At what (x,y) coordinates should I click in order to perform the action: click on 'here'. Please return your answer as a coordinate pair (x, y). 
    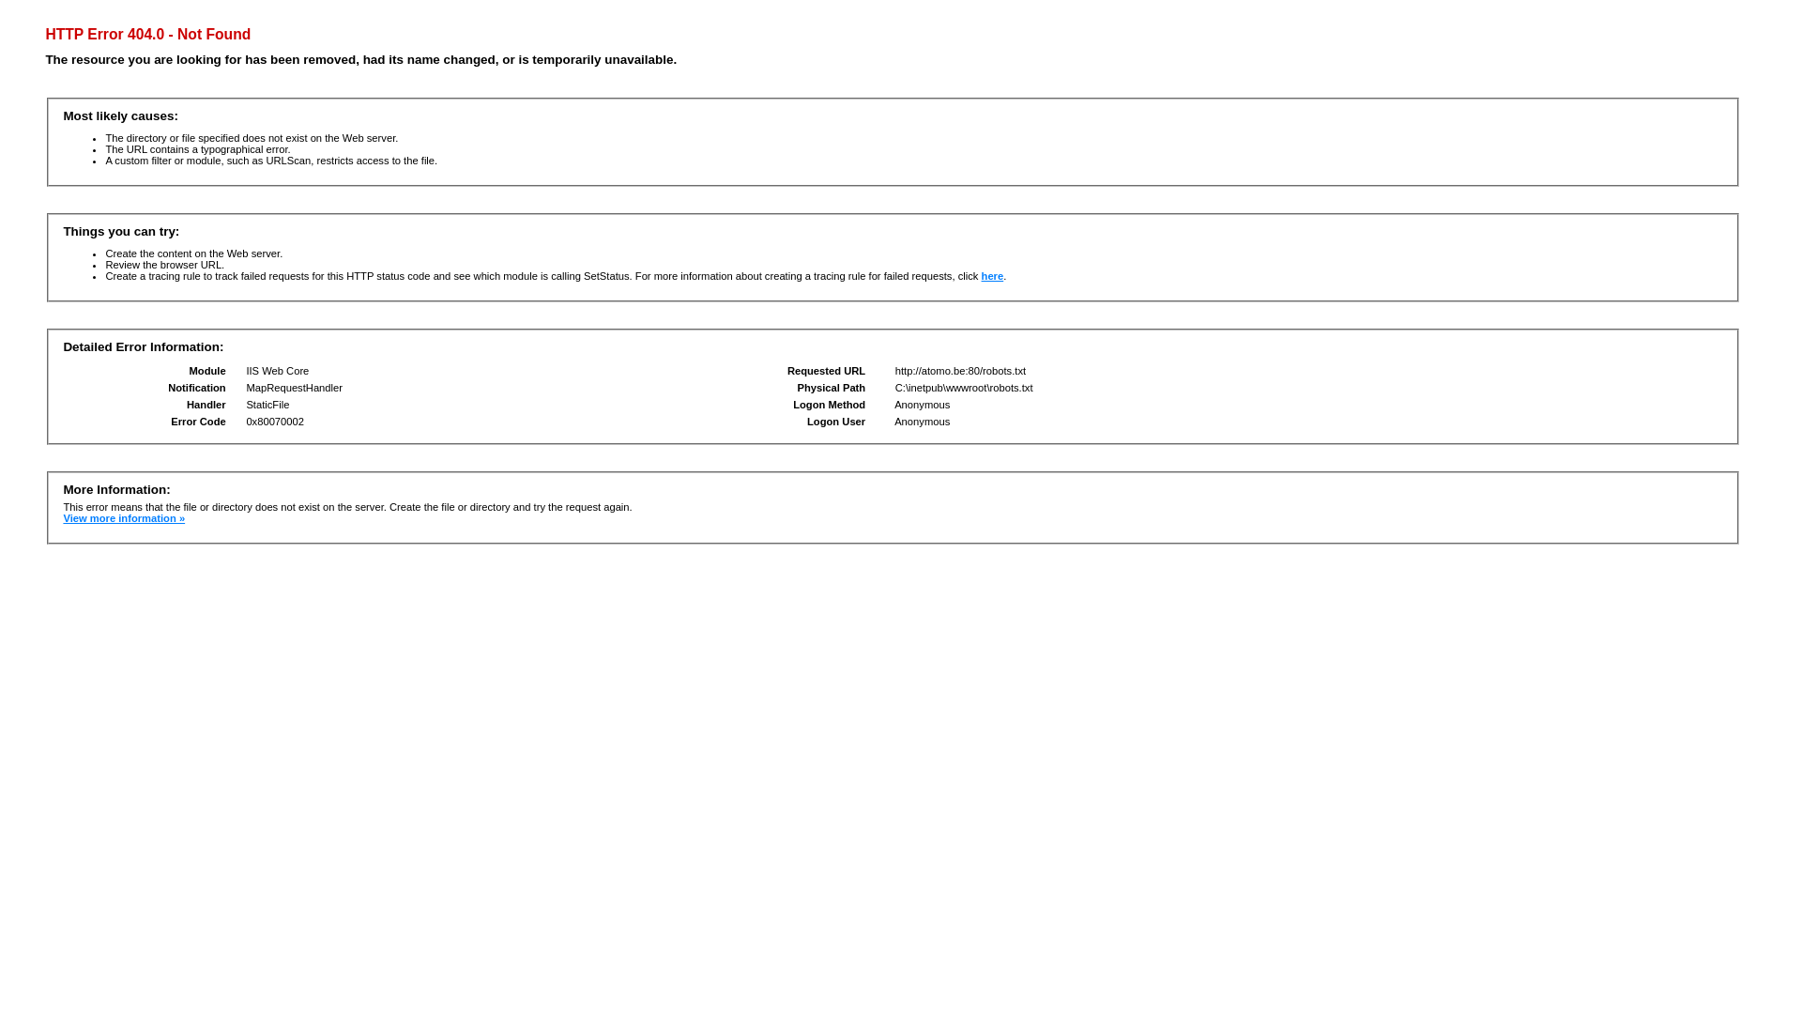
    Looking at the image, I should click on (991, 275).